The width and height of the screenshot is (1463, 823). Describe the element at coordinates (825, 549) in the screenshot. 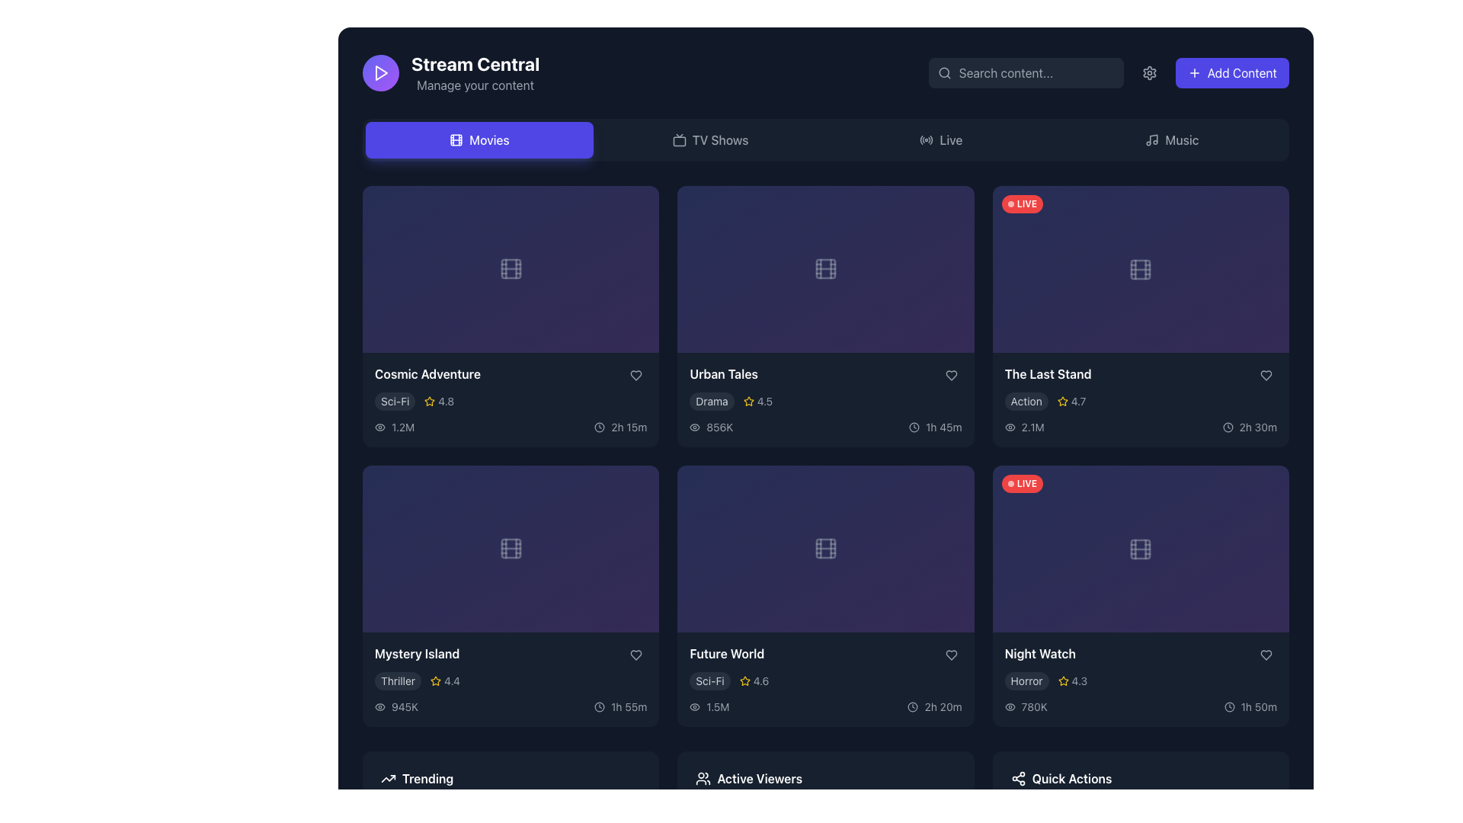

I see `the media content icon with a filmstrip design located within the 'Future World' card, positioned in the second row and third column of the grid layout` at that location.